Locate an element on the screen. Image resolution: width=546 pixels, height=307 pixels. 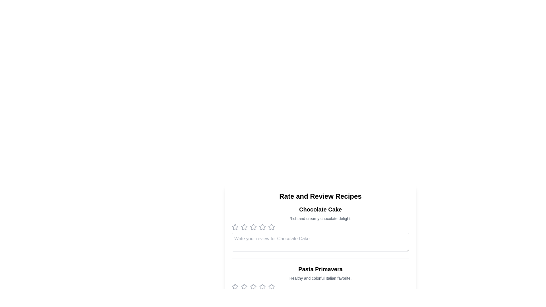
the second star icon in the star rating control below the title 'Chocolate Cake' is located at coordinates (244, 227).